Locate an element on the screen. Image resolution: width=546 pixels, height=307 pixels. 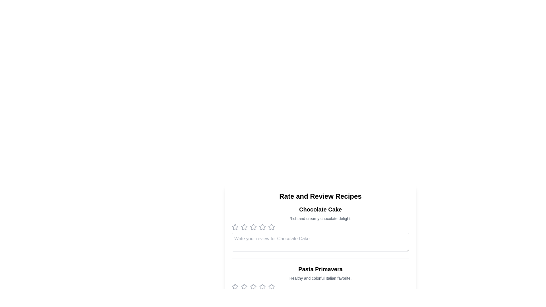
the second star icon in the star rating control below the title 'Chocolate Cake' is located at coordinates (244, 227).